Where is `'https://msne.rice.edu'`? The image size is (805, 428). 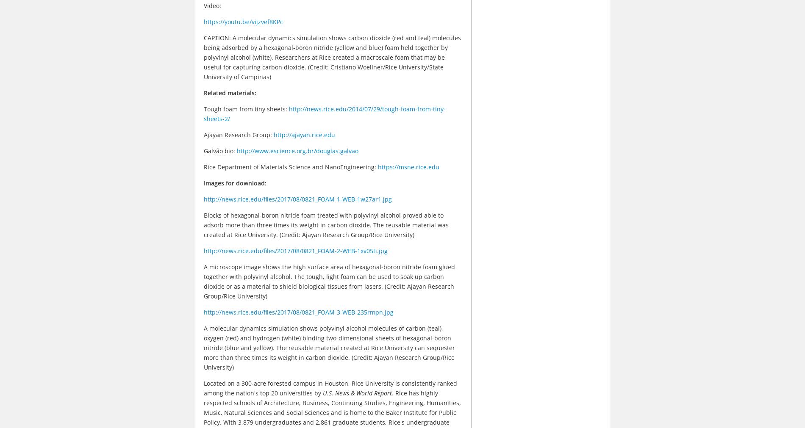
'https://msne.rice.edu' is located at coordinates (378, 166).